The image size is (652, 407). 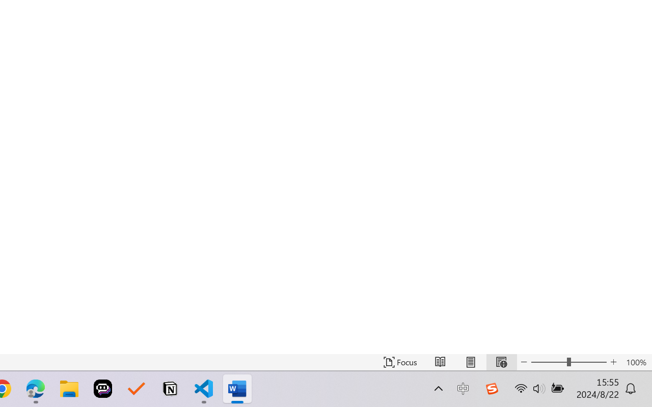 I want to click on 'Class: Image', so click(x=492, y=389).